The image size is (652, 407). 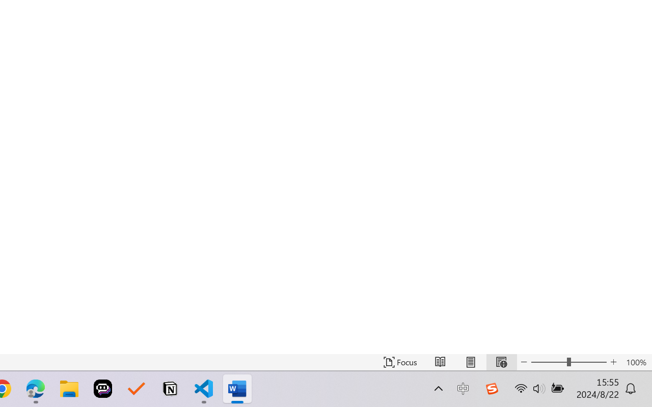 I want to click on 'Class: Image', so click(x=492, y=389).